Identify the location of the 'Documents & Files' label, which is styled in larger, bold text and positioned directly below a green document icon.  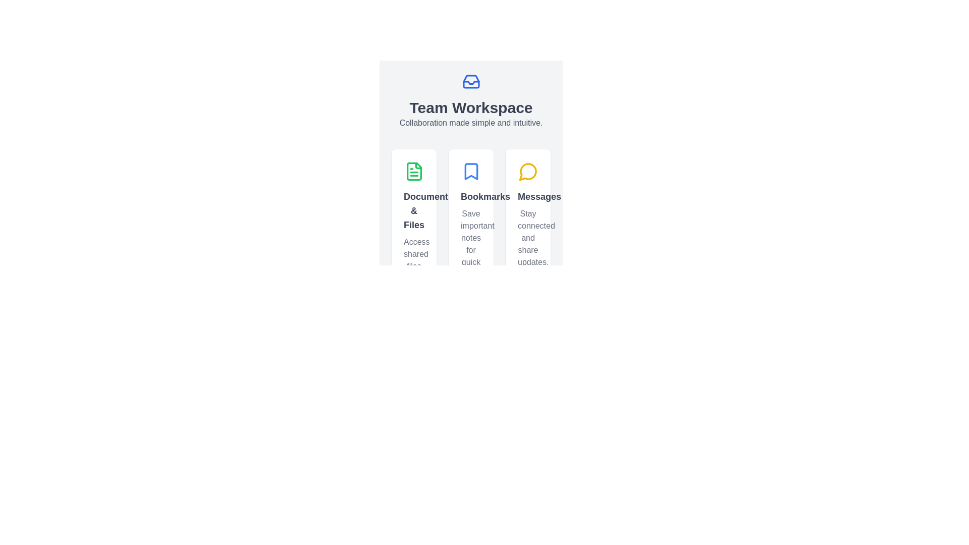
(414, 210).